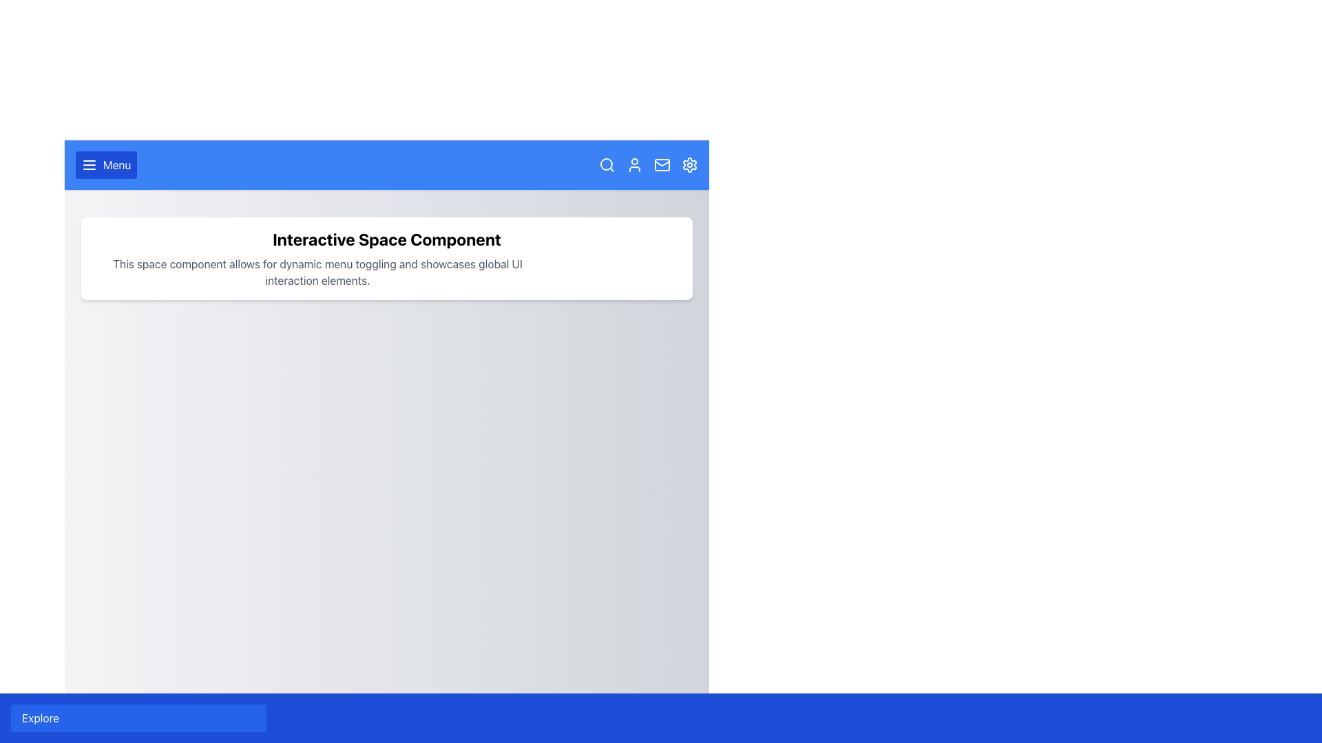 This screenshot has height=743, width=1322. What do you see at coordinates (662, 164) in the screenshot?
I see `the rectangular body of the envelope icon located in the upper right section of the navigation bar` at bounding box center [662, 164].